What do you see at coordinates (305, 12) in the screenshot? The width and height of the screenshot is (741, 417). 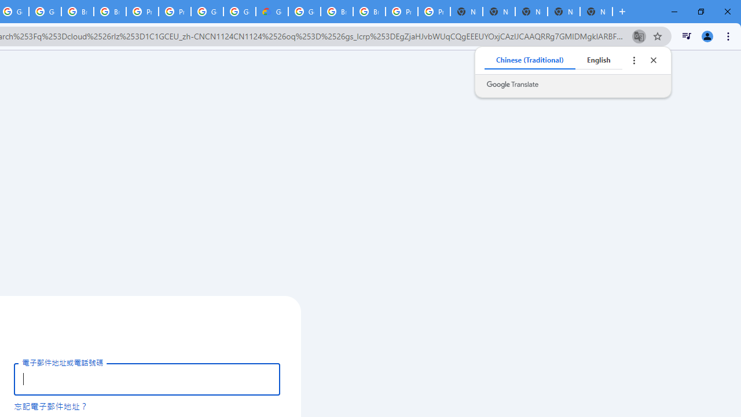 I see `'Google Cloud Platform'` at bounding box center [305, 12].